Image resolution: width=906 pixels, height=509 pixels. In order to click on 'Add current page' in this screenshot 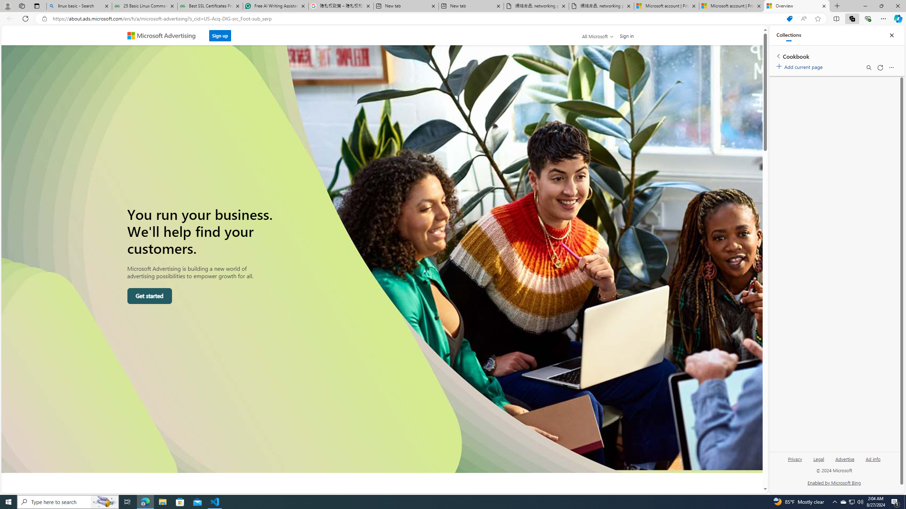, I will do `click(801, 65)`.